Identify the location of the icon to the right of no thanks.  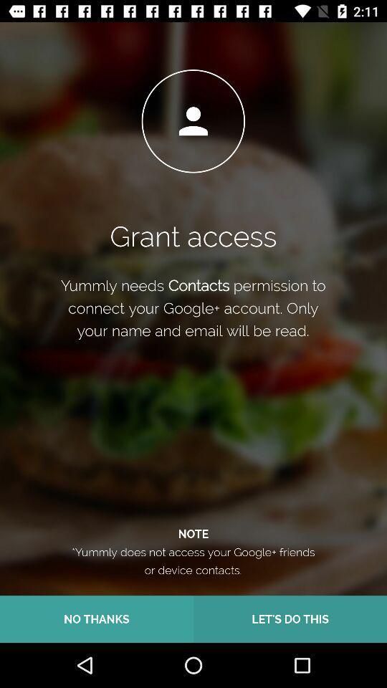
(290, 618).